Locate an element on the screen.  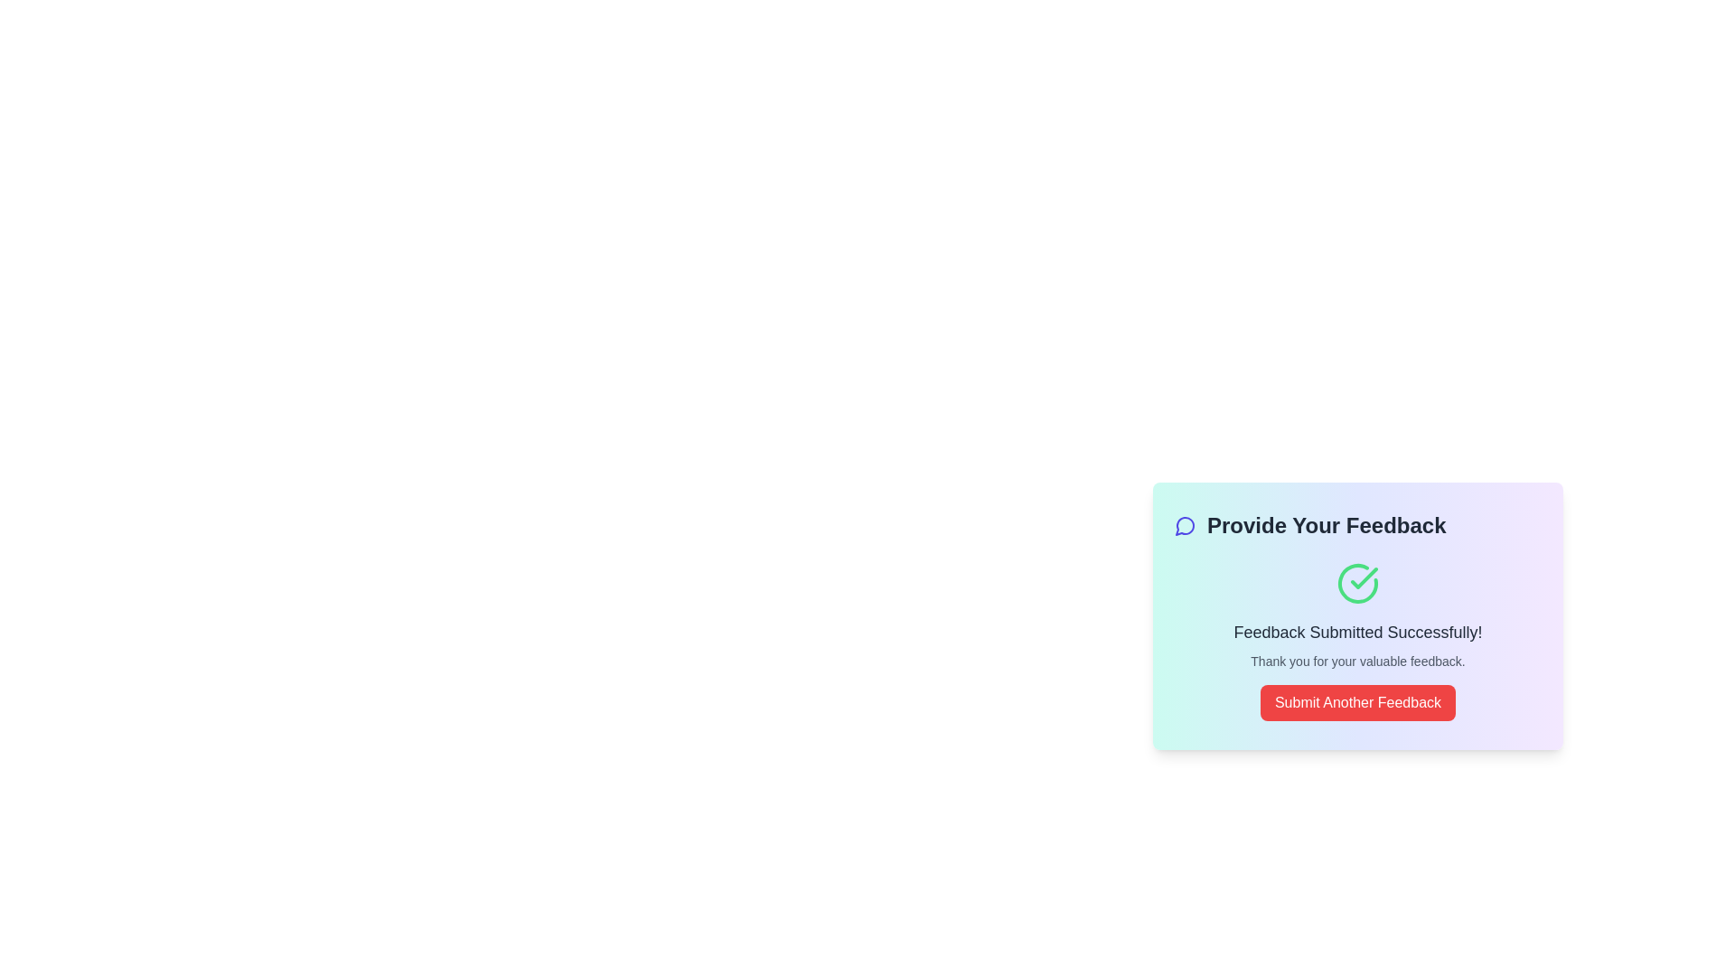
text label that serves as the main heading for the feedback submission interface, located at the center panel above the green checkmark icon is located at coordinates (1357, 526).